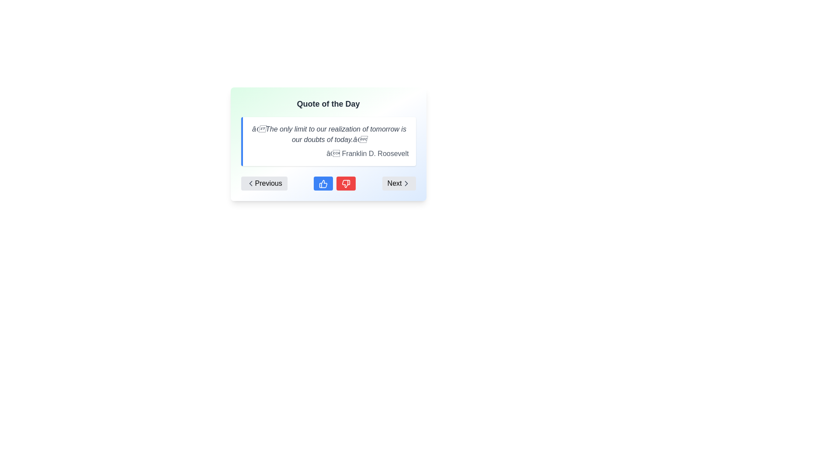  What do you see at coordinates (250, 183) in the screenshot?
I see `the chevron icon inside the 'Previous' button` at bounding box center [250, 183].